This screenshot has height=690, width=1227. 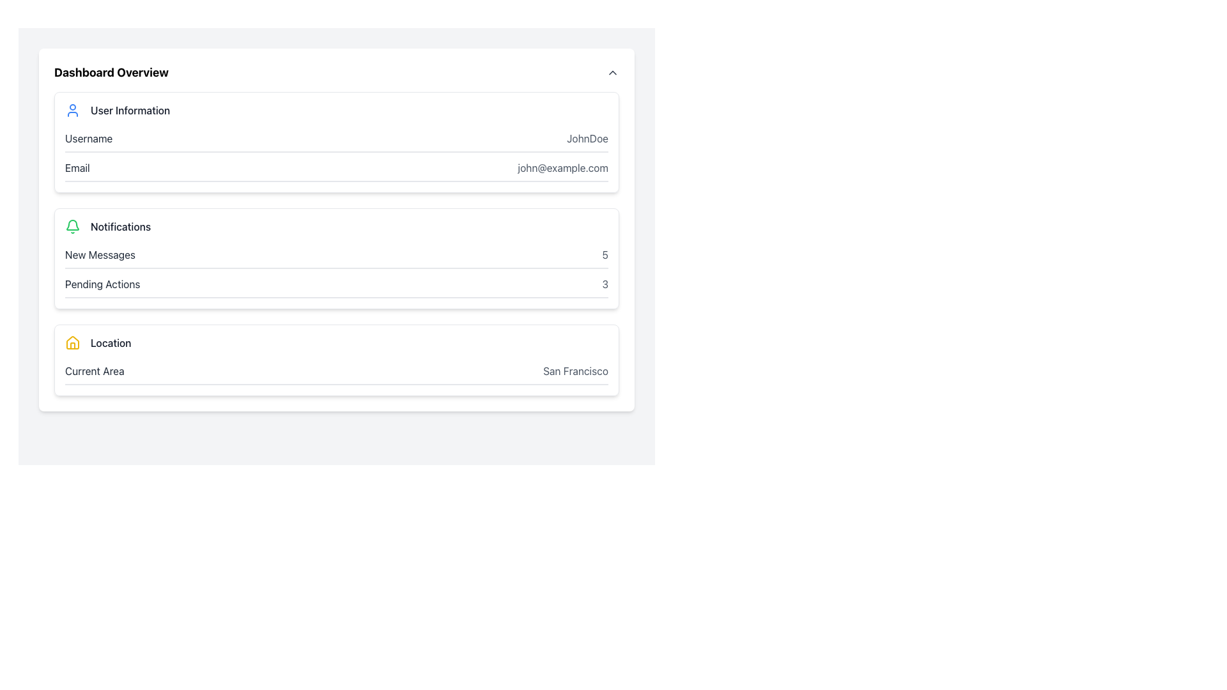 I want to click on the left-aligned text label indicating the section or count of pending actions within the notifications category, so click(x=102, y=283).